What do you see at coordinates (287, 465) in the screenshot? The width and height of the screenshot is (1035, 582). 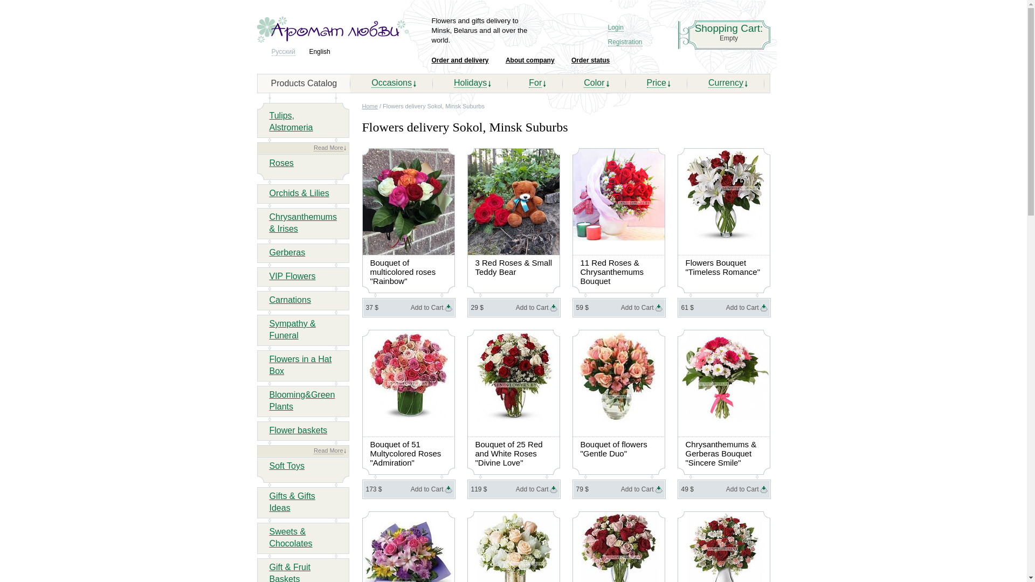 I see `'Soft Toys'` at bounding box center [287, 465].